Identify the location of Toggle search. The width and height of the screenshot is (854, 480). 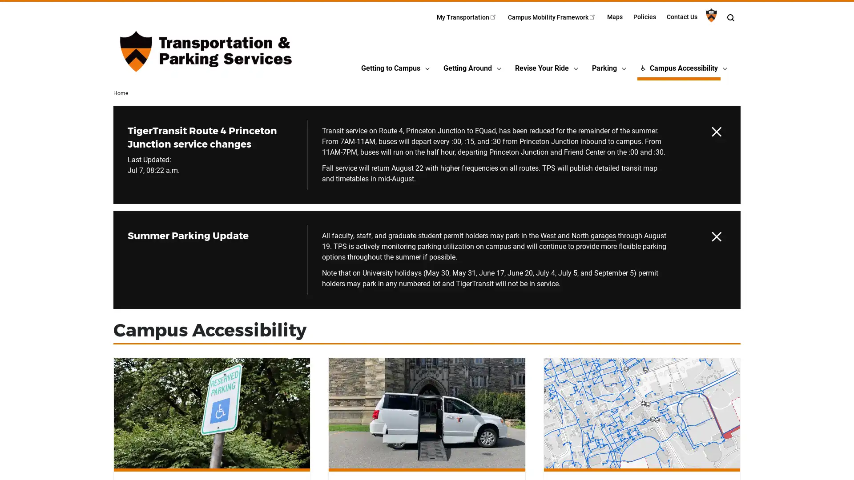
(730, 17).